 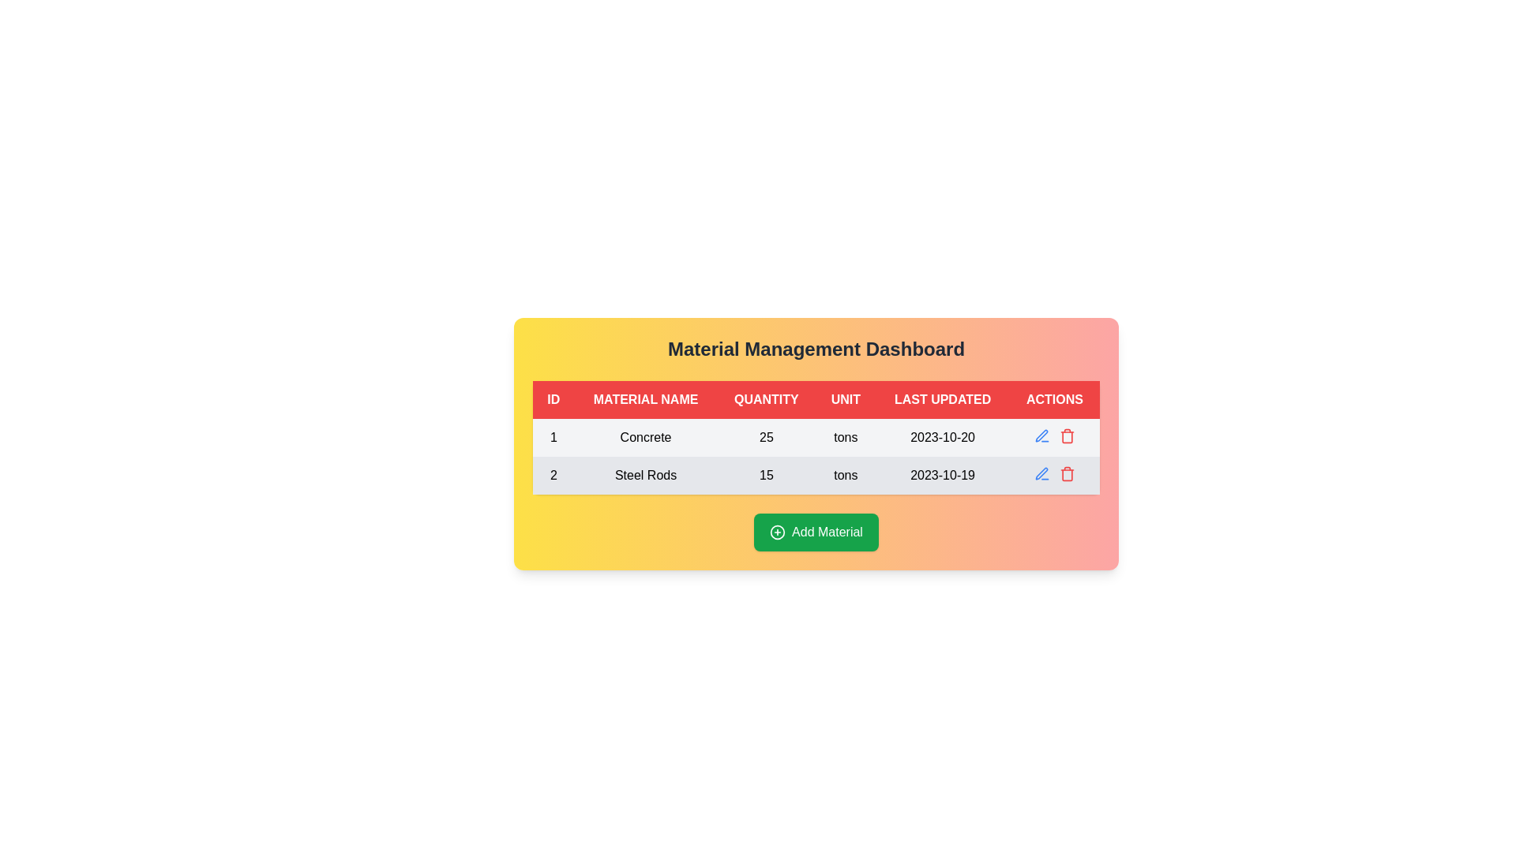 I want to click on the circular icon with a plus symbol inside, which is styled with a green central area and a white outline, located to the left of the 'Add Material' button, so click(x=778, y=532).